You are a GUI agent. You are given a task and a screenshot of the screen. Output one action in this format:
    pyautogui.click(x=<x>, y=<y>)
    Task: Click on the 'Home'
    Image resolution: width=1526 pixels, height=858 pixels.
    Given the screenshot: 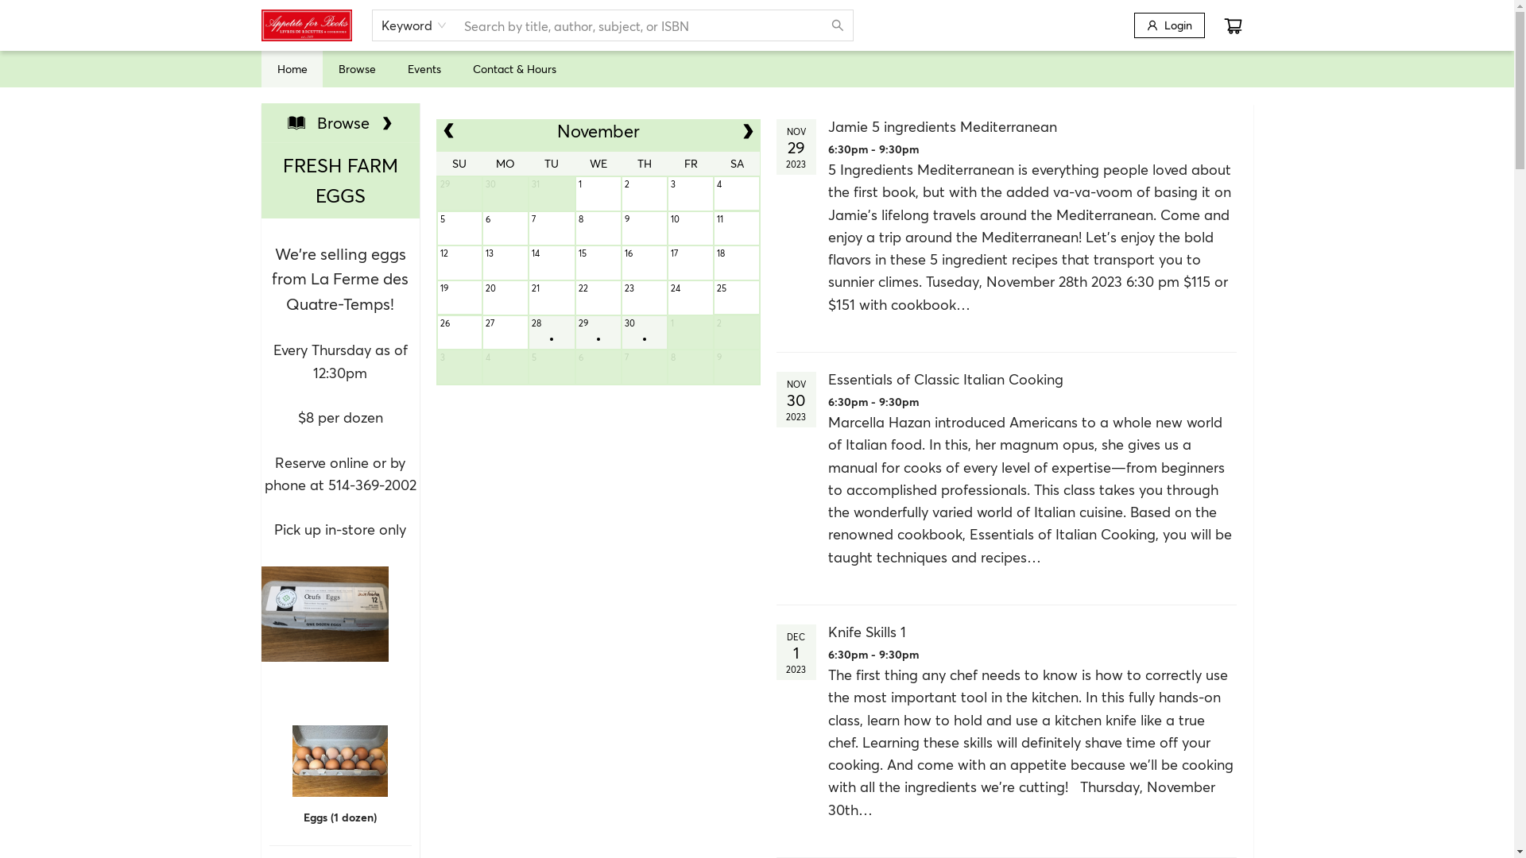 What is the action you would take?
    pyautogui.click(x=276, y=68)
    